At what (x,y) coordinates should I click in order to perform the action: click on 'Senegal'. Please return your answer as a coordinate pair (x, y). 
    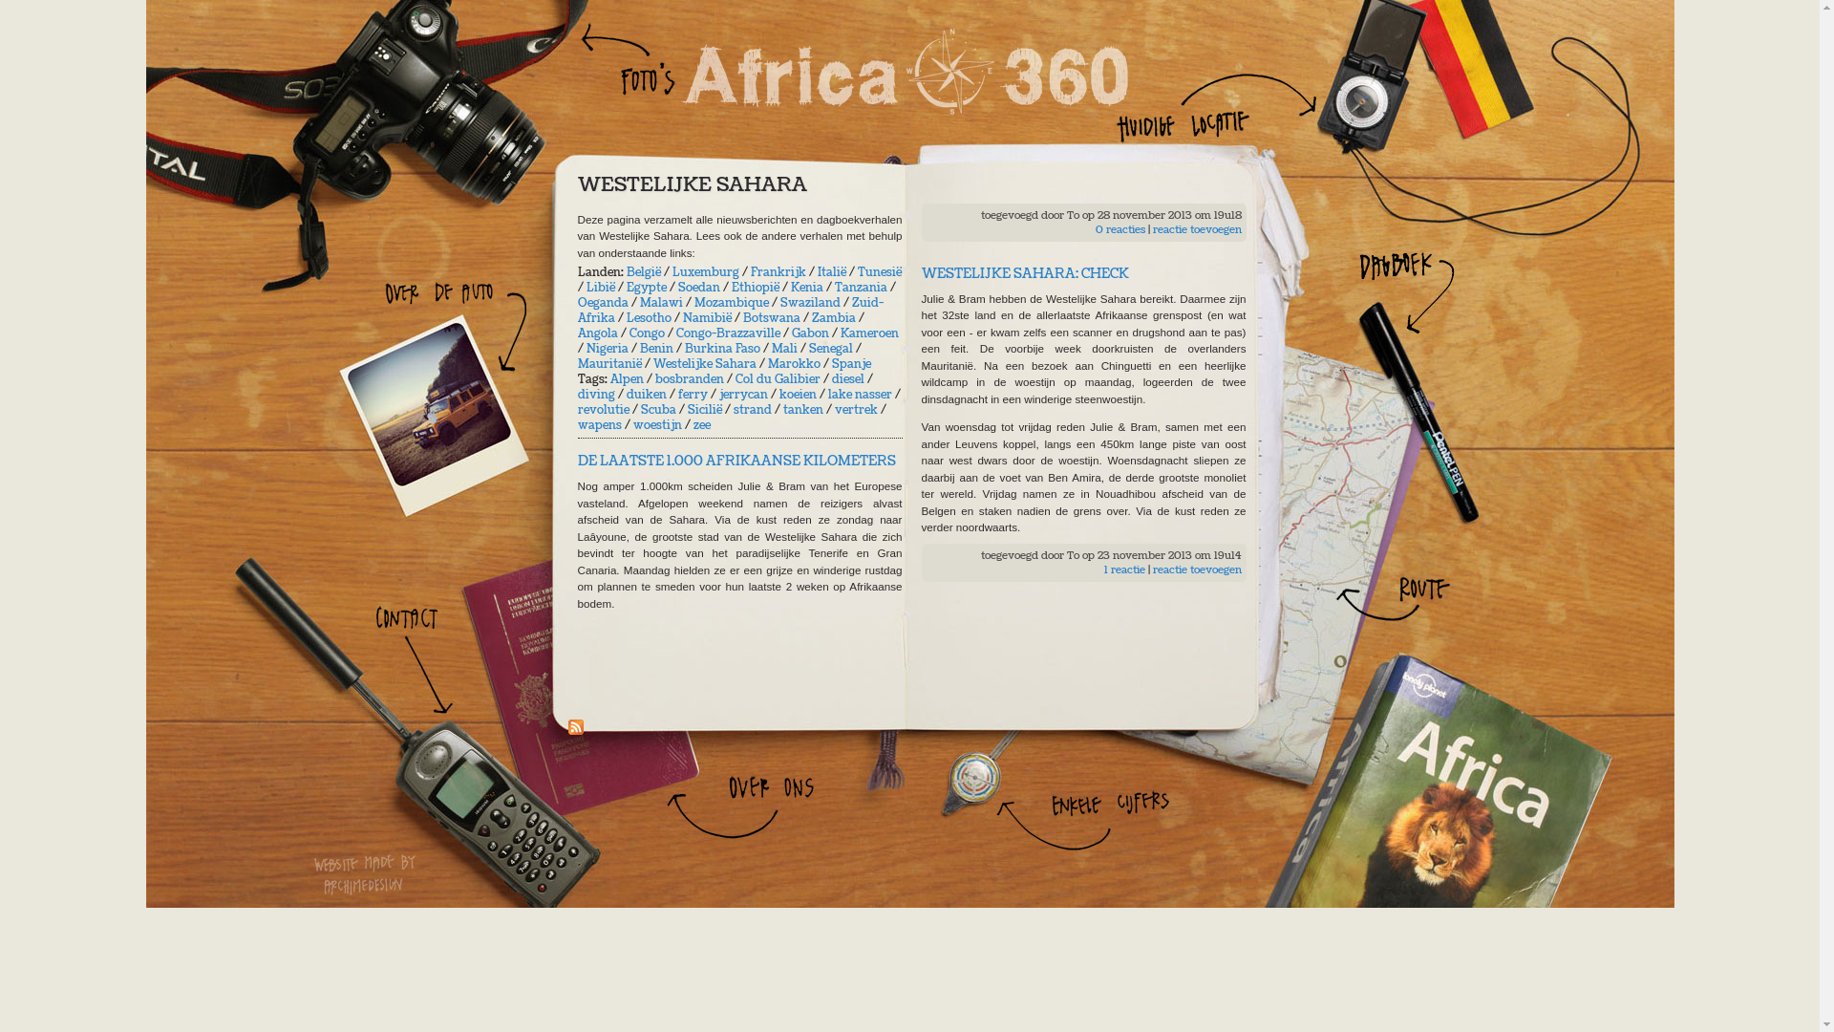
    Looking at the image, I should click on (807, 349).